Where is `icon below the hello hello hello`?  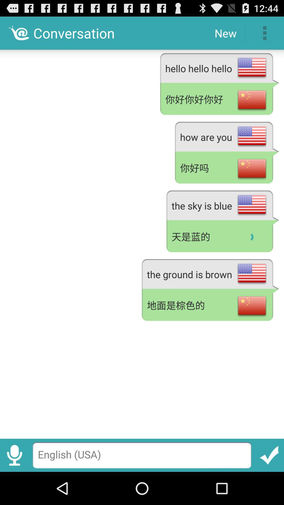 icon below the hello hello hello is located at coordinates (219, 100).